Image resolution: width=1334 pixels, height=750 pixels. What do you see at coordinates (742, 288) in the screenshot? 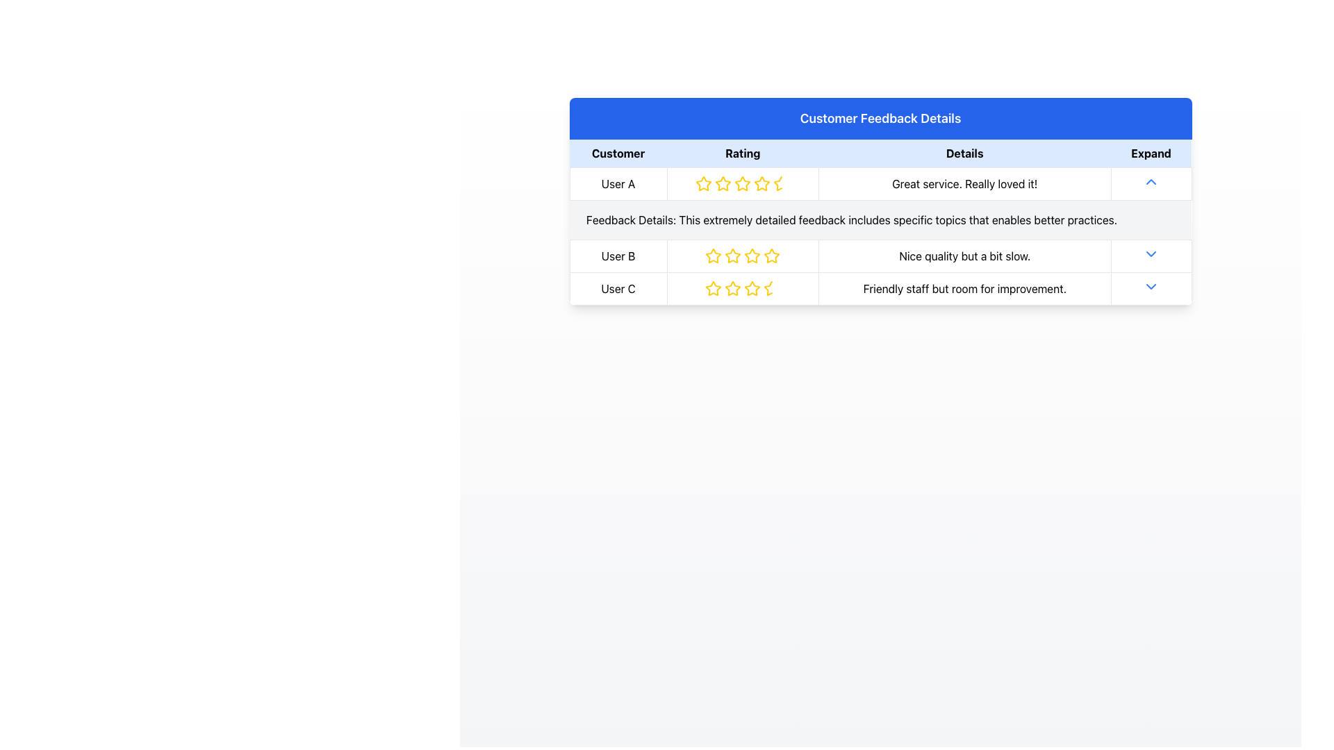
I see `the Rating display element located in the third row of the table, under the 'Rating' column, which is the second column from the left, adjacent to 'Customer' with 'User C' and 'Details' with 'Friendly staff but room for improvement'` at bounding box center [742, 288].